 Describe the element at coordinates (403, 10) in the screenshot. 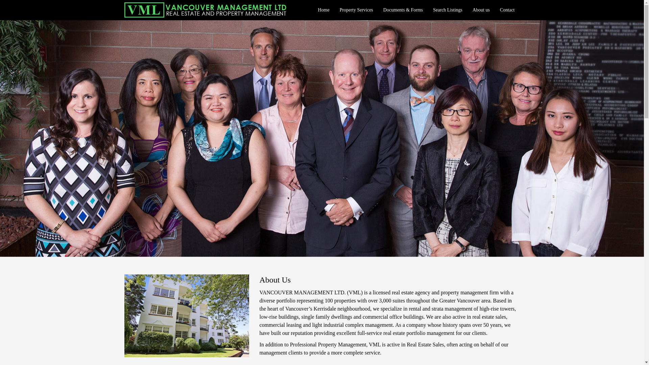

I see `'Documents & Forms'` at that location.